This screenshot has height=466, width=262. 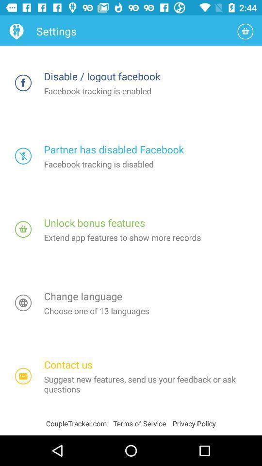 What do you see at coordinates (194, 423) in the screenshot?
I see `icon below suggest new features item` at bounding box center [194, 423].